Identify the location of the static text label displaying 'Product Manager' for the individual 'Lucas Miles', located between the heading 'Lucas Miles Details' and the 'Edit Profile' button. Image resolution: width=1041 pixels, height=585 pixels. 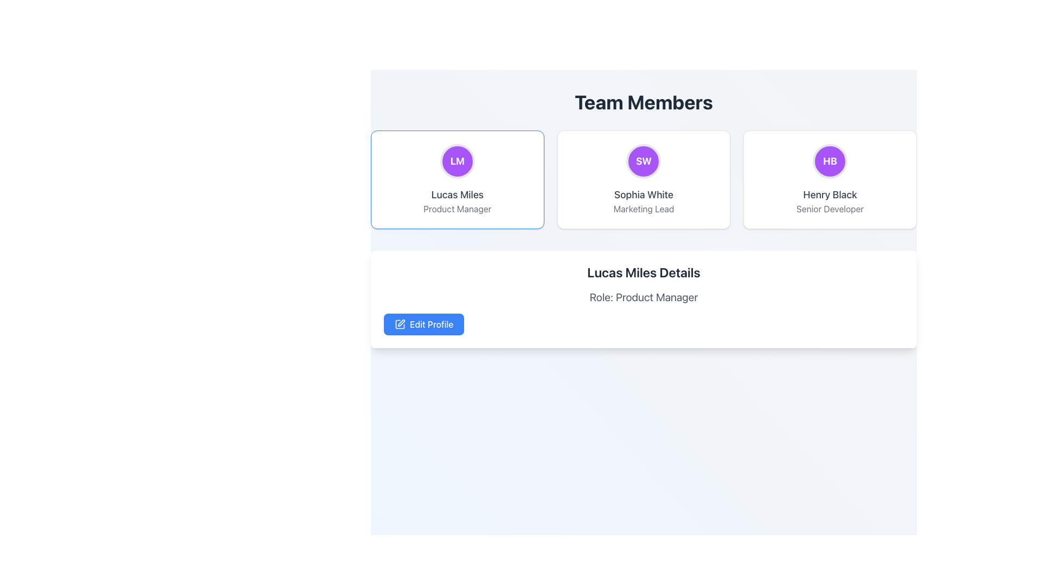
(644, 297).